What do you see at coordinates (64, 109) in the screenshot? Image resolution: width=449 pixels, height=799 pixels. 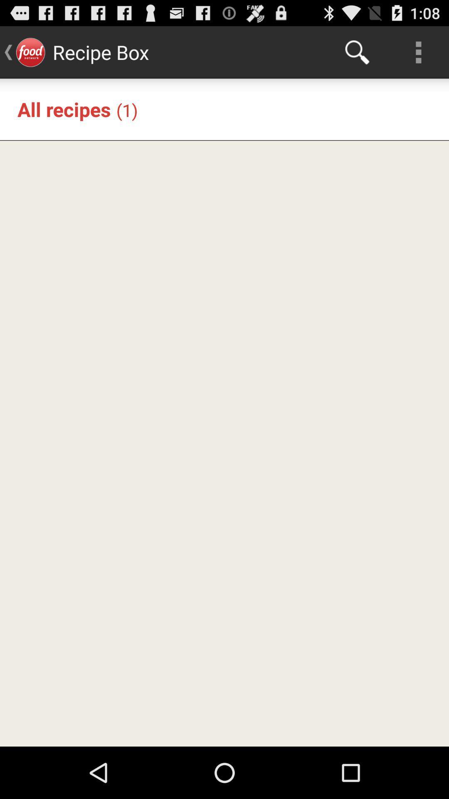 I see `item to the left of the (1) app` at bounding box center [64, 109].